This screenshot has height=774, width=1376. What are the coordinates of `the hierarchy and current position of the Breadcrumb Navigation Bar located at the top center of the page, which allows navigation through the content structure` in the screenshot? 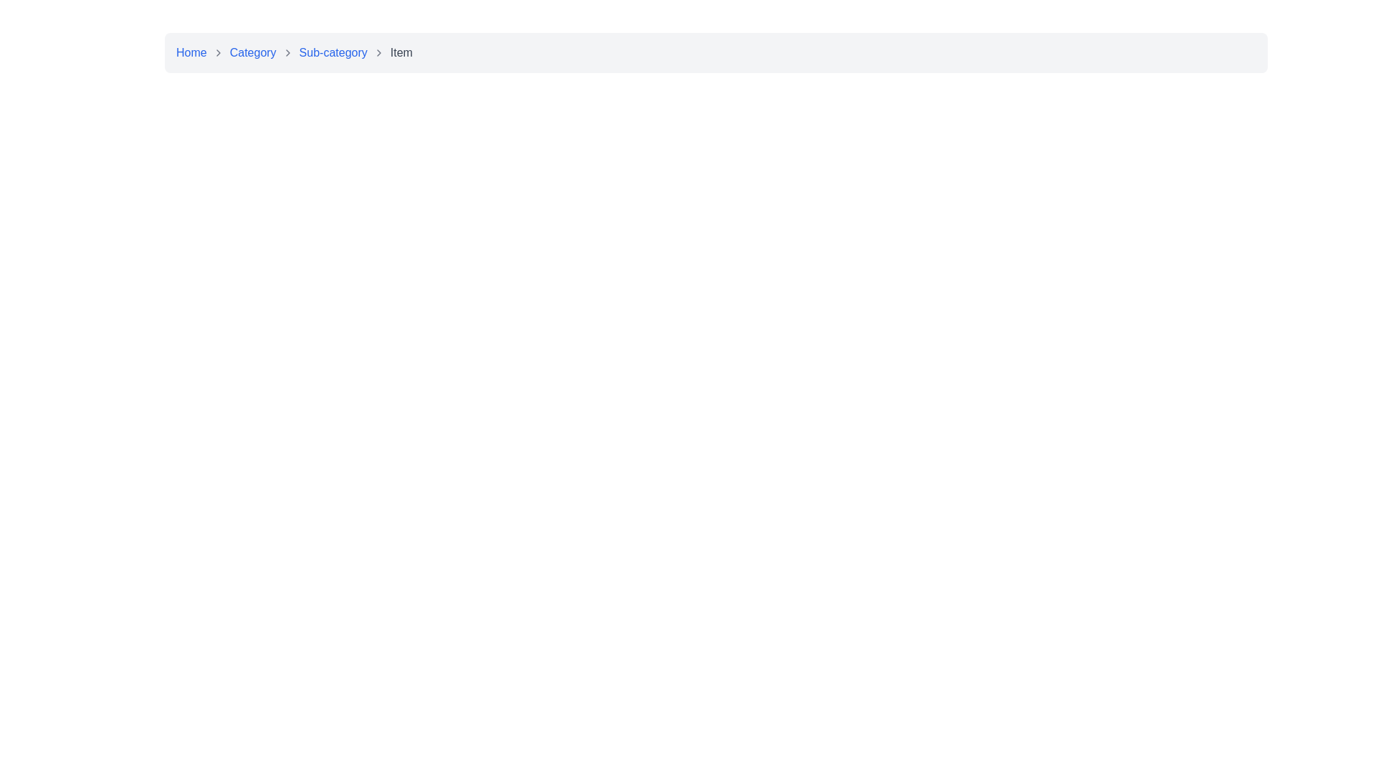 It's located at (716, 52).